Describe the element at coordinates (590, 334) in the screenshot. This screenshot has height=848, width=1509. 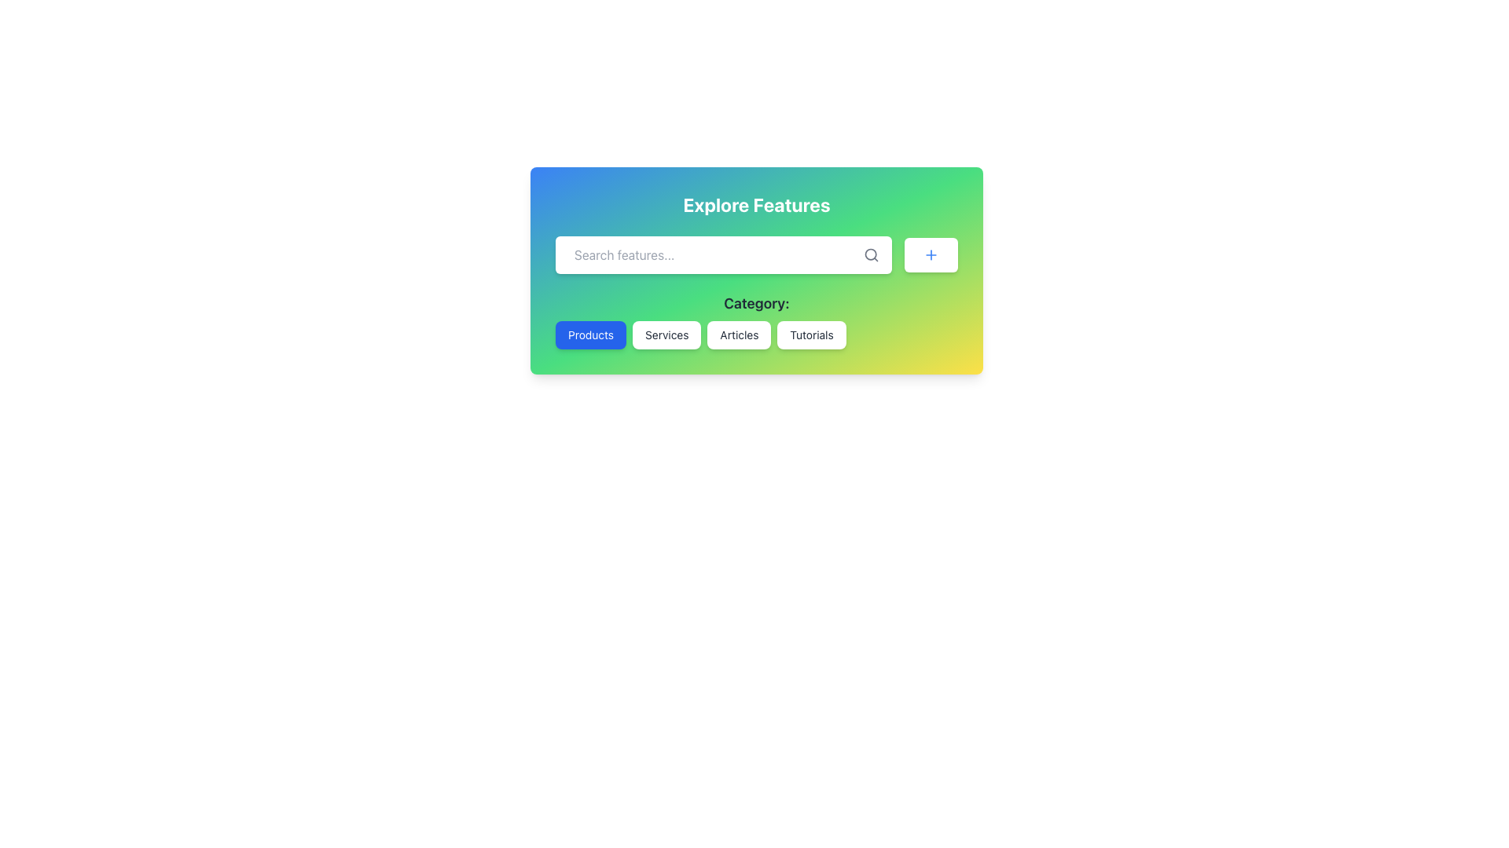
I see `the 'Products' button, which is a rectangular button with rounded corners, styled with a blue background and white text, located below the search bar and to the left of the 'Services' button` at that location.